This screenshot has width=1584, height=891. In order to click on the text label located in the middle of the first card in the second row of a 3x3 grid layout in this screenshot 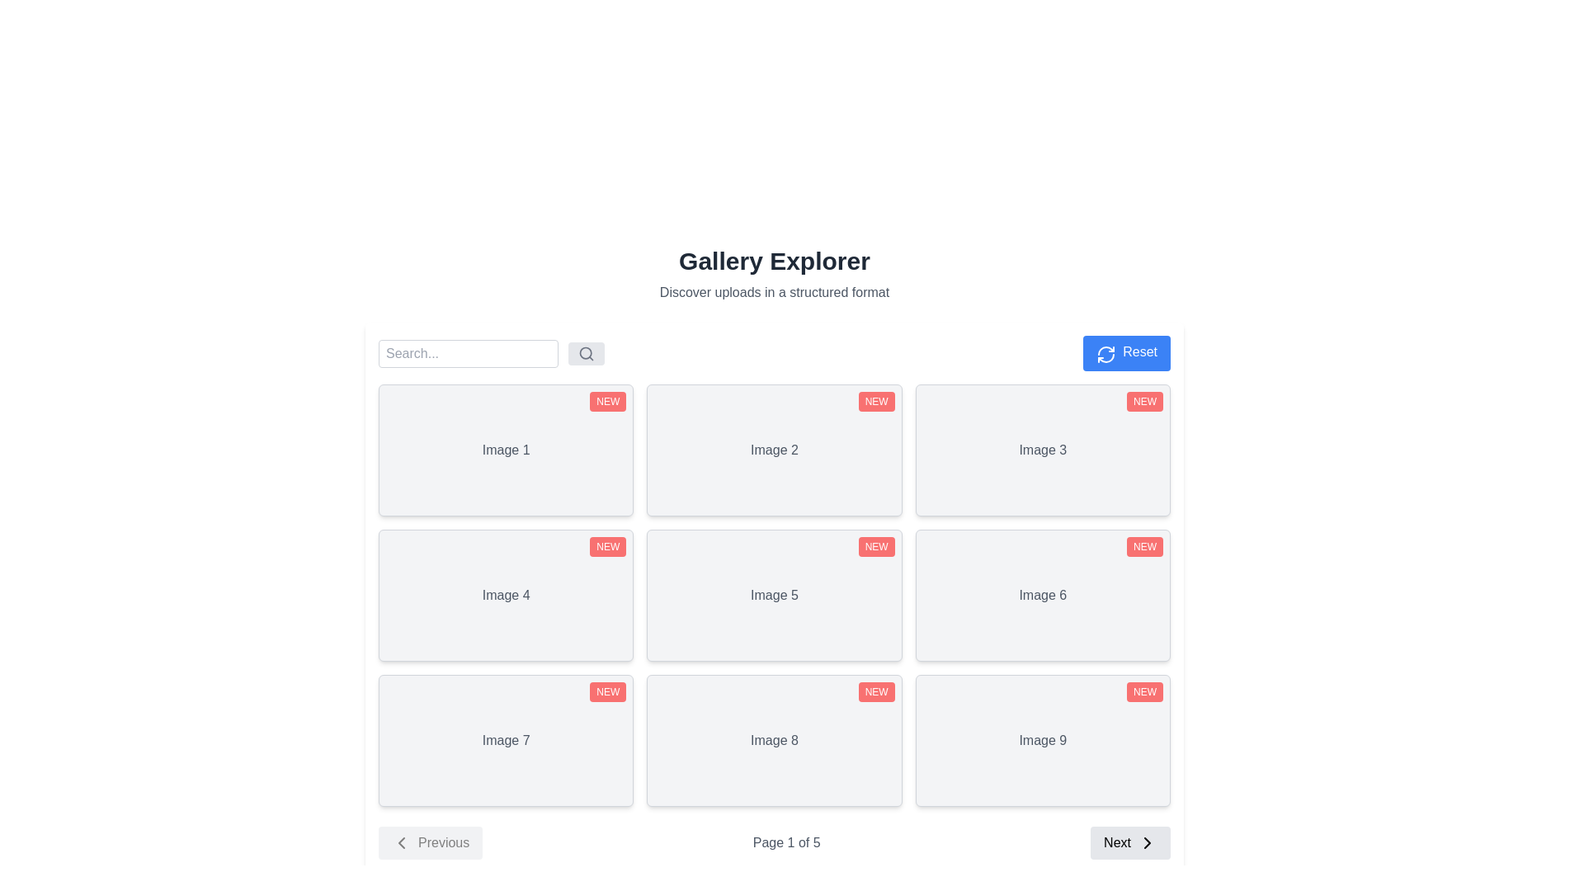, I will do `click(505, 595)`.